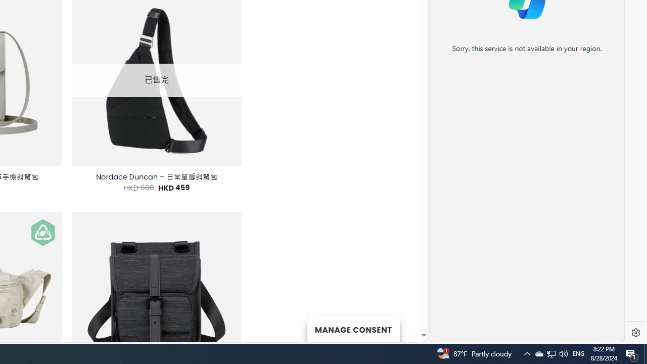 The image size is (647, 364). What do you see at coordinates (353, 329) in the screenshot?
I see `'MANAGE CONSENT'` at bounding box center [353, 329].